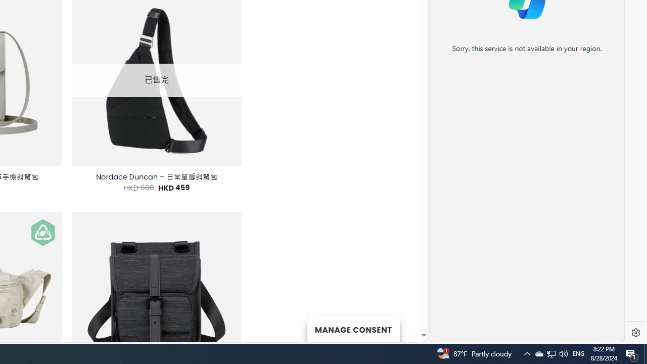 The image size is (647, 364). What do you see at coordinates (353, 329) in the screenshot?
I see `'MANAGE CONSENT'` at bounding box center [353, 329].